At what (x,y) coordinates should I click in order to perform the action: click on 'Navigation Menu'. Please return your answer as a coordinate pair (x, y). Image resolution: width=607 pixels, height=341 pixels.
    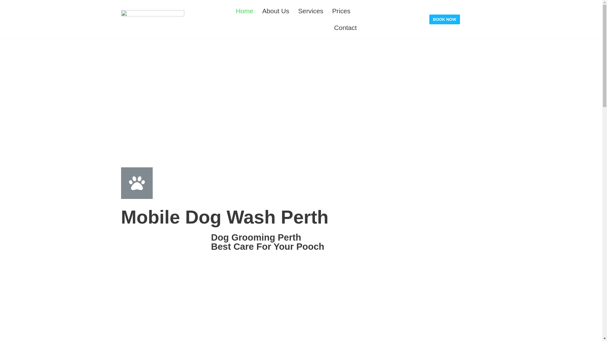
    Looking at the image, I should click on (591, 8).